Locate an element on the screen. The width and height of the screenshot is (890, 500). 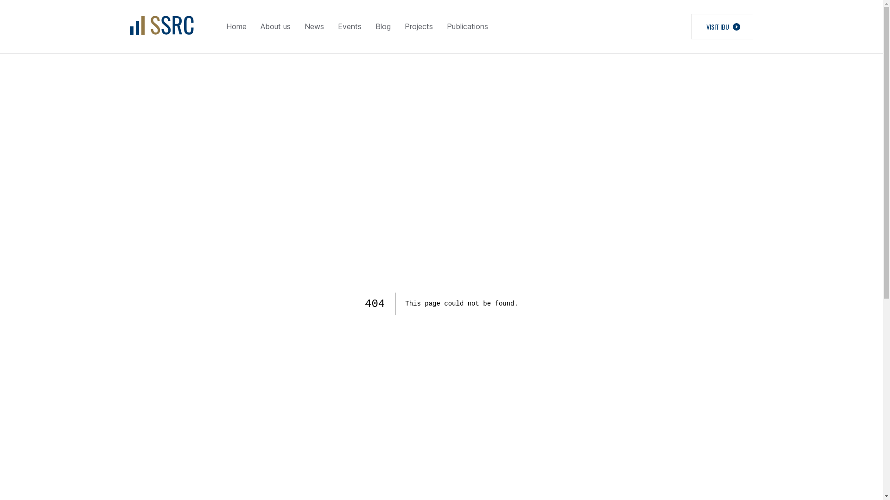
'Events' is located at coordinates (337, 26).